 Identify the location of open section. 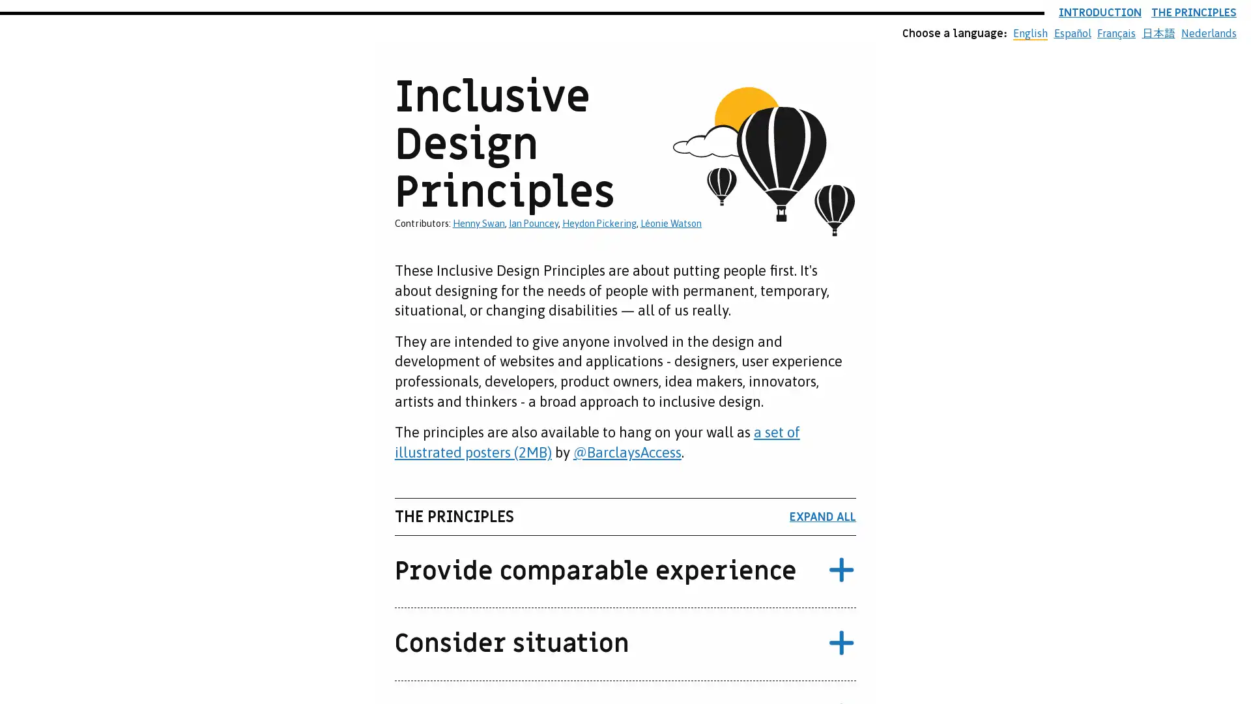
(841, 570).